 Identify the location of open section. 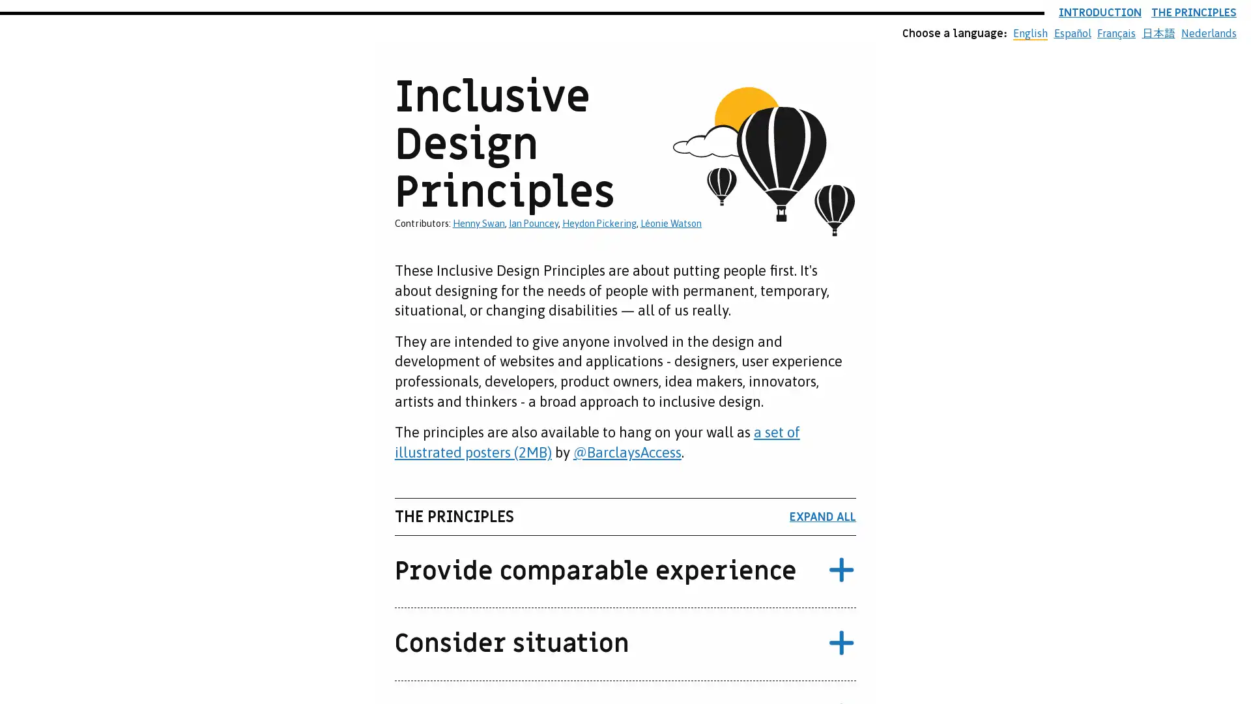
(841, 570).